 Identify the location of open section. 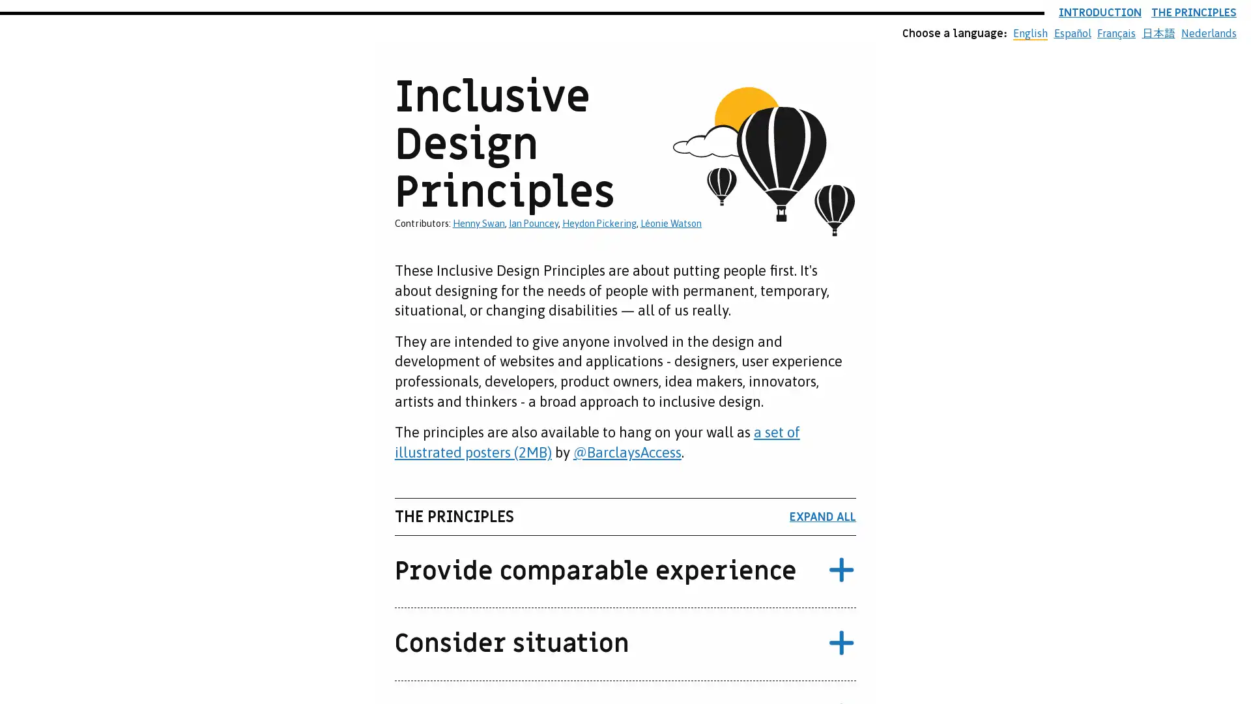
(841, 570).